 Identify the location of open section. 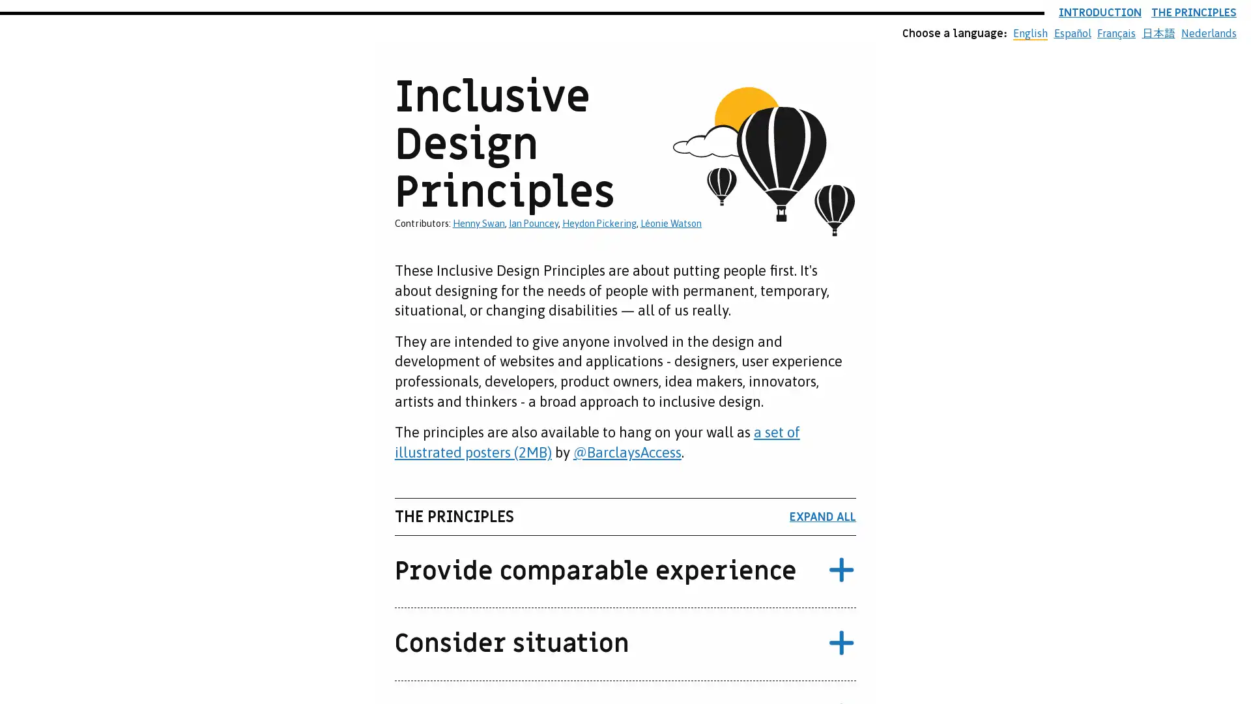
(841, 570).